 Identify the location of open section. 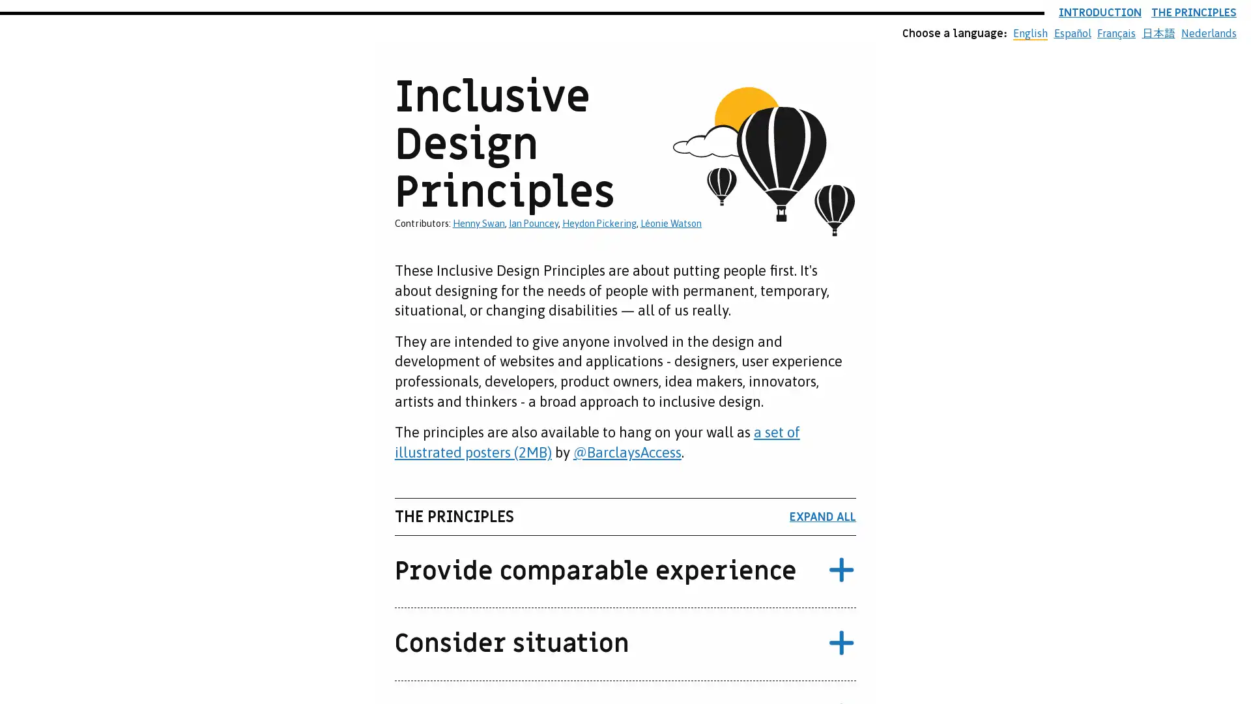
(841, 570).